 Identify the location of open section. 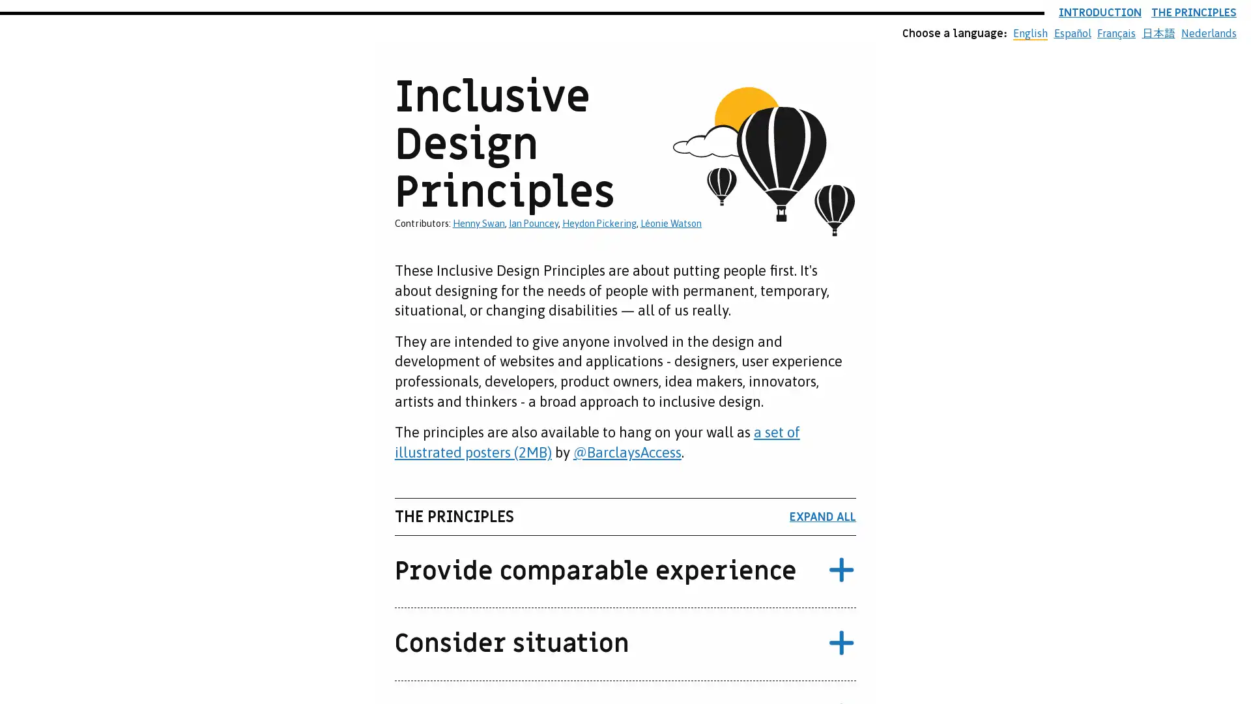
(841, 570).